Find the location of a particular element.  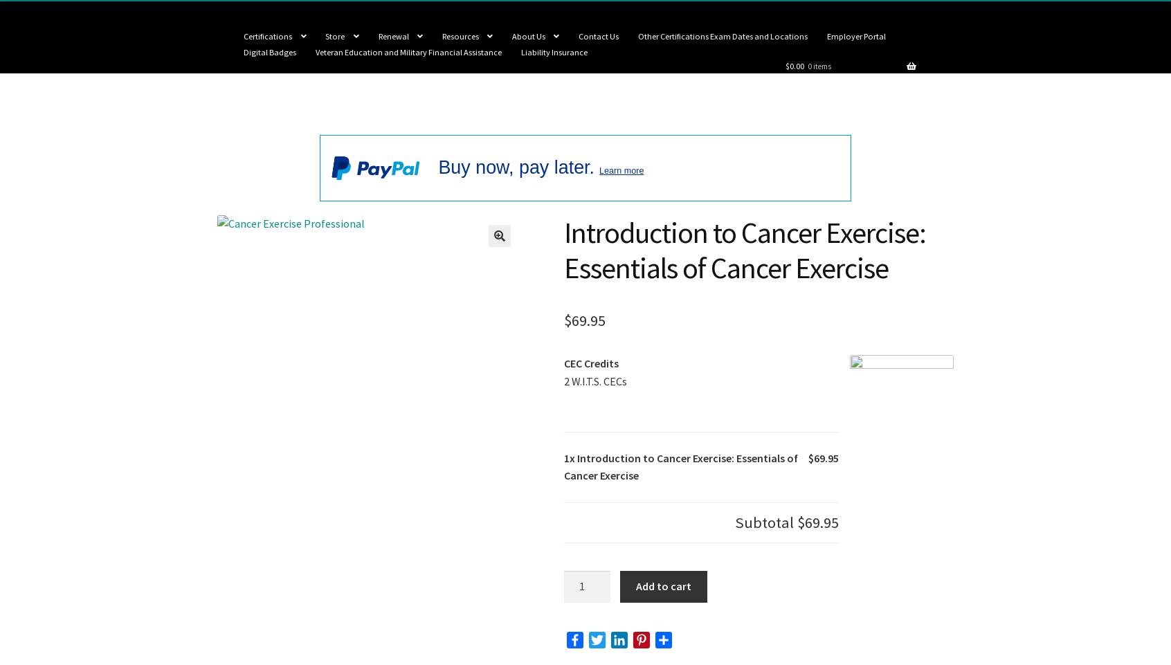

'About Us' is located at coordinates (527, 35).